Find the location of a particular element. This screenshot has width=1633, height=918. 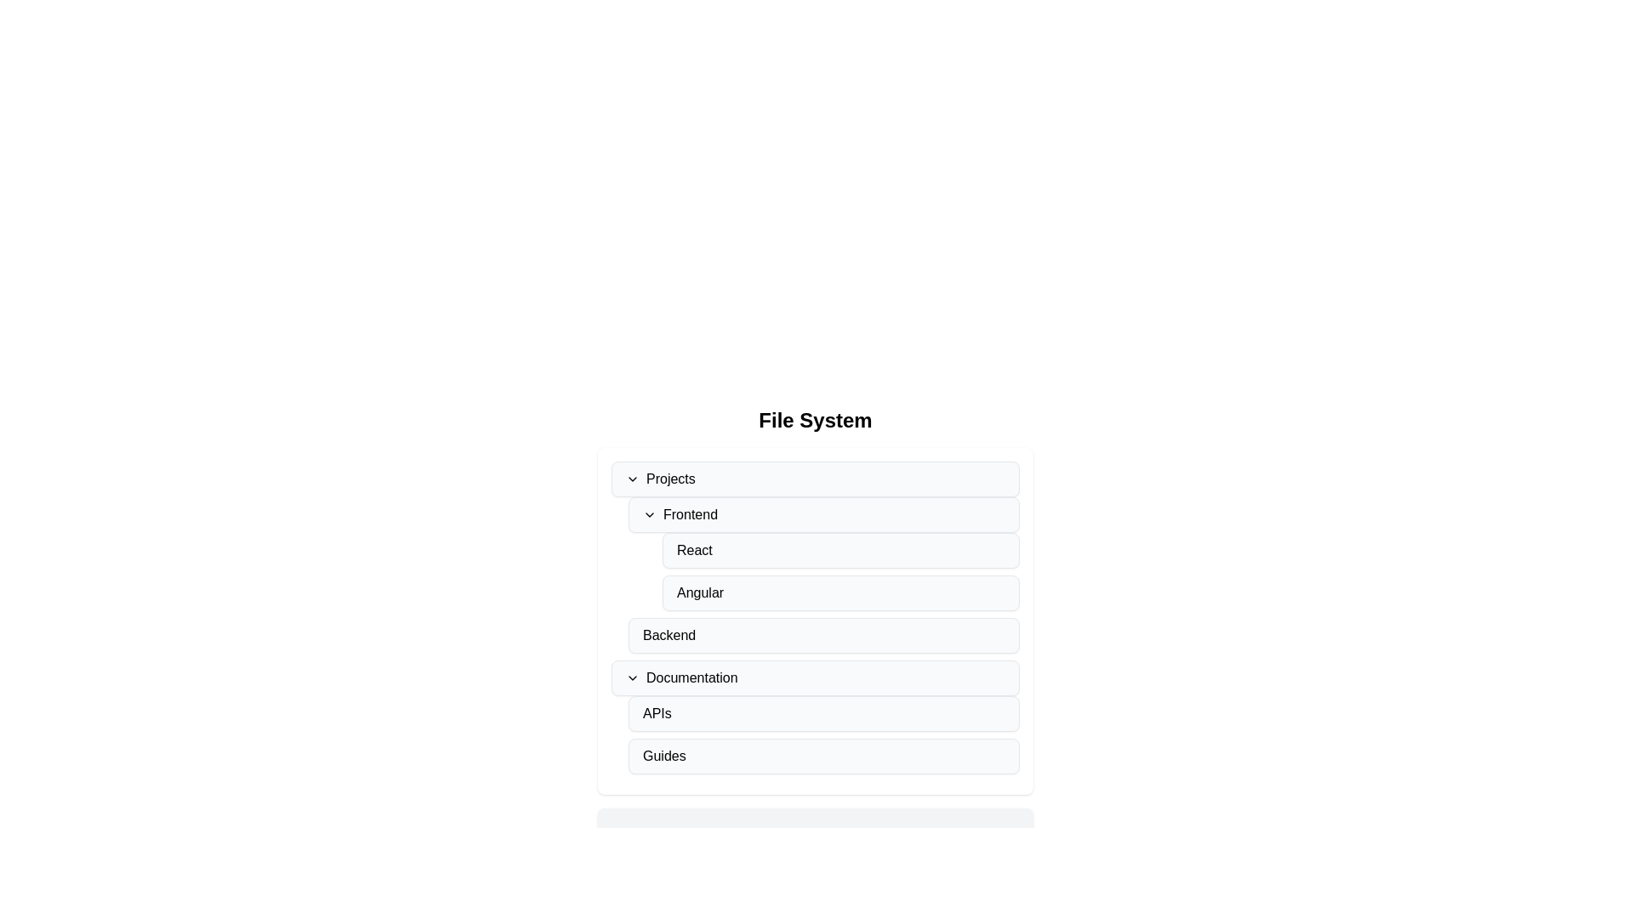

the clickable list item labeled 'Angular' is located at coordinates (700, 592).